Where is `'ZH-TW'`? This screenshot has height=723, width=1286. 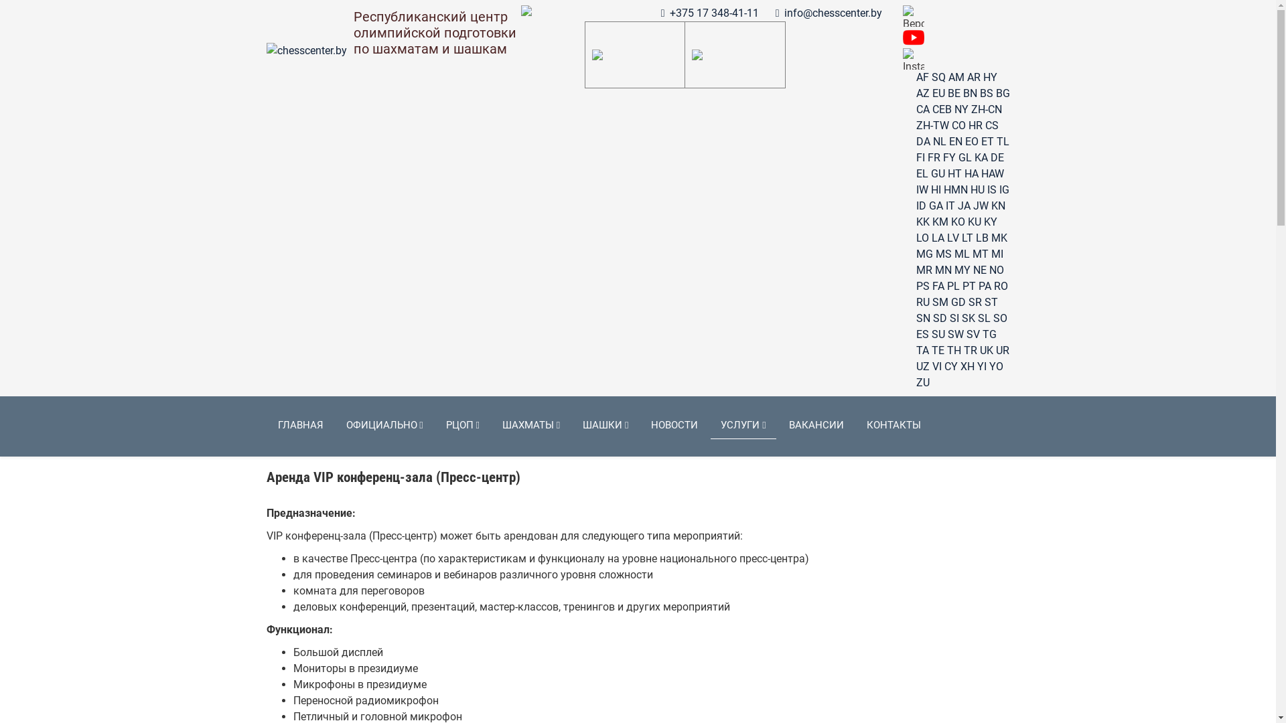 'ZH-TW' is located at coordinates (932, 125).